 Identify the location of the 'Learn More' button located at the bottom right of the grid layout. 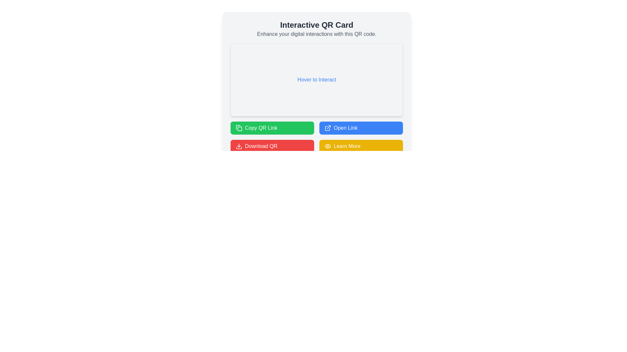
(361, 146).